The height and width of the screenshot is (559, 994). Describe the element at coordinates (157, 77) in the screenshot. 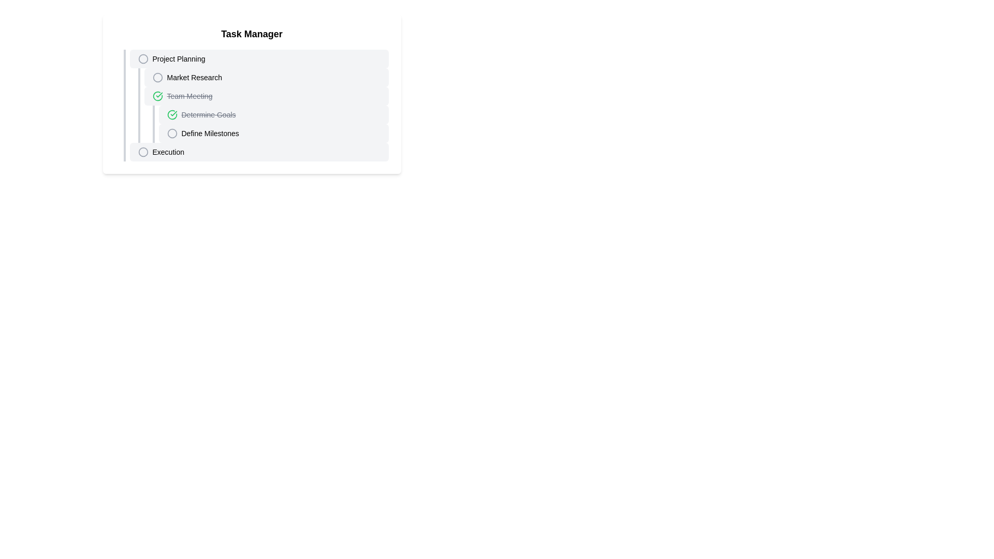

I see `the icon or status indicator located to the left of the text 'Market Research' in the 'Task Manager' interface` at that location.